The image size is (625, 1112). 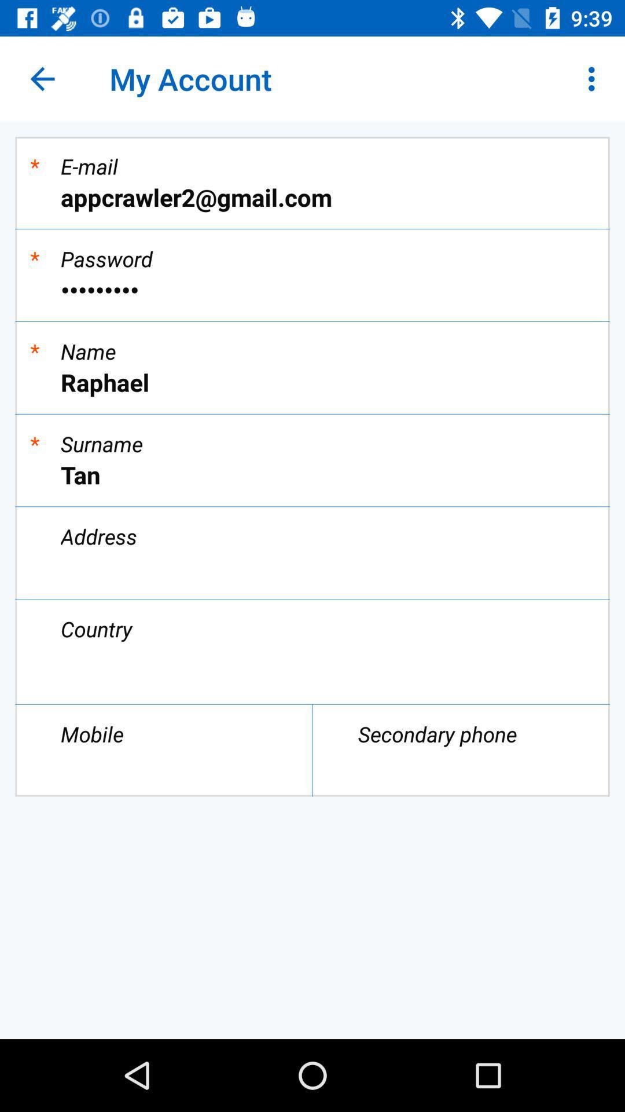 I want to click on item next to my account icon, so click(x=42, y=78).